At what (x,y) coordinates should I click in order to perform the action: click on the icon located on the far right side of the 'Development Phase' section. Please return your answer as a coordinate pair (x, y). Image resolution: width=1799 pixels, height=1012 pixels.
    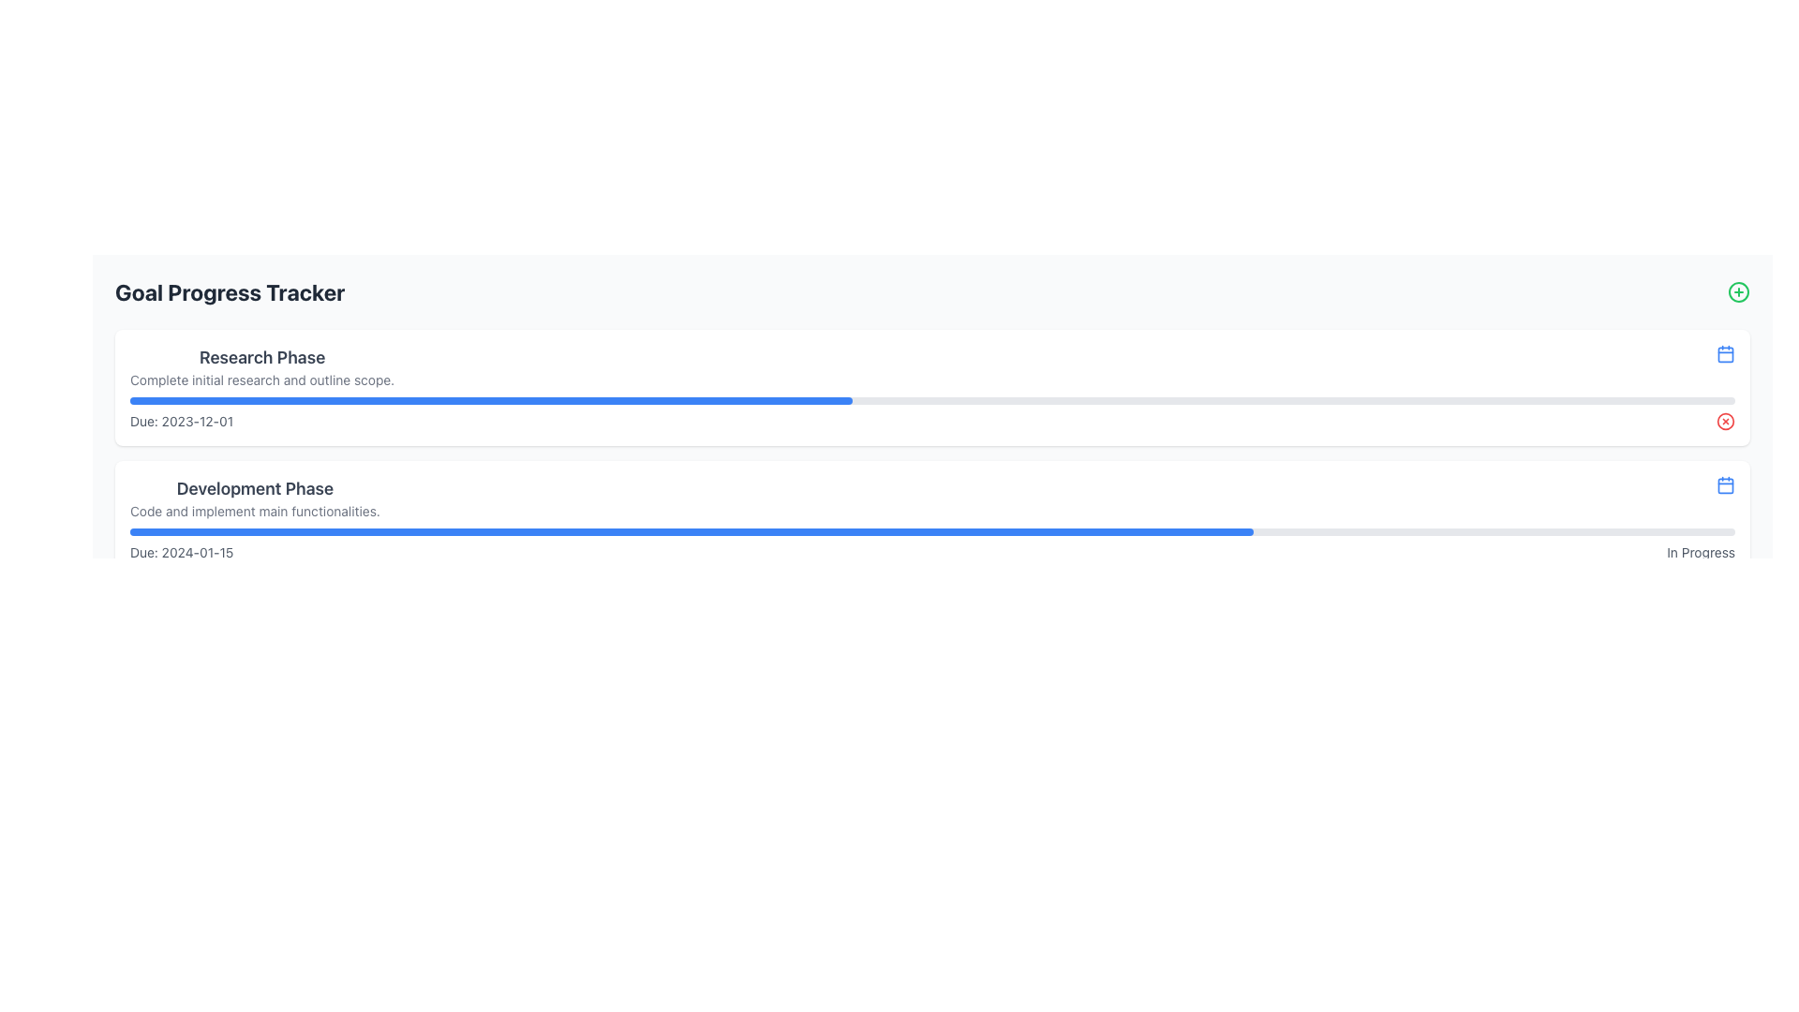
    Looking at the image, I should click on (1725, 484).